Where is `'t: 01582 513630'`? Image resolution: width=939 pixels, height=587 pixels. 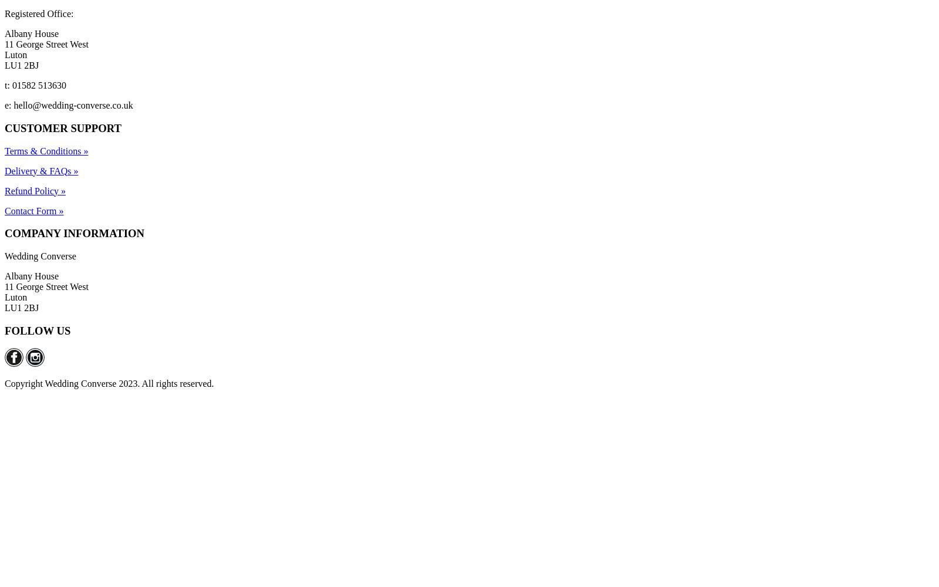
't: 01582 513630' is located at coordinates (35, 85).